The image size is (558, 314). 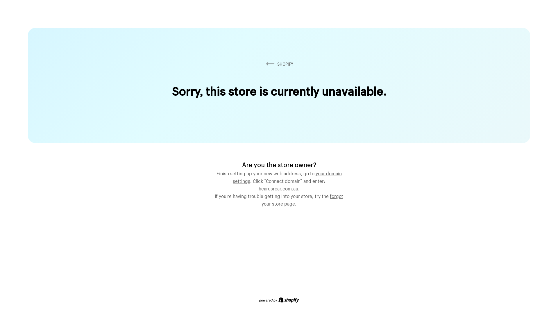 I want to click on 'forgot your store', so click(x=302, y=199).